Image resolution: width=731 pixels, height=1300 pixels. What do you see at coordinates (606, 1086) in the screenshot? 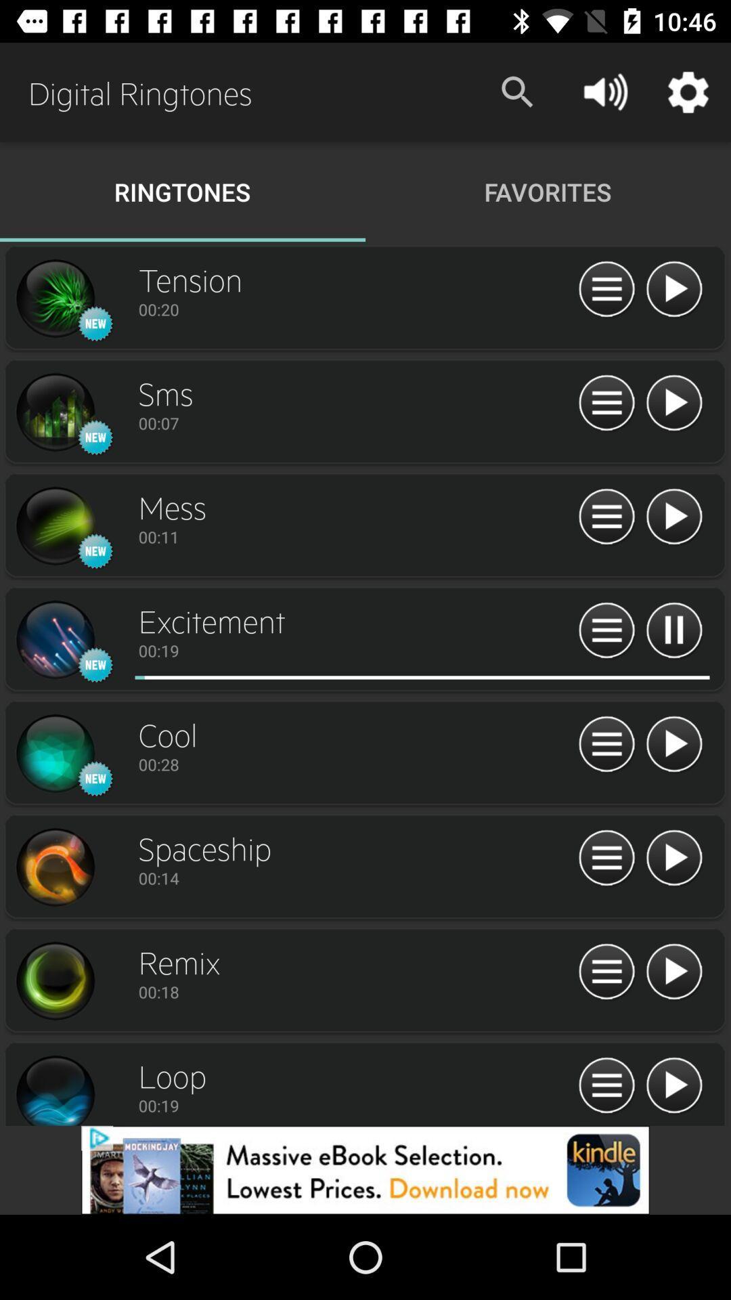
I see `list option` at bounding box center [606, 1086].